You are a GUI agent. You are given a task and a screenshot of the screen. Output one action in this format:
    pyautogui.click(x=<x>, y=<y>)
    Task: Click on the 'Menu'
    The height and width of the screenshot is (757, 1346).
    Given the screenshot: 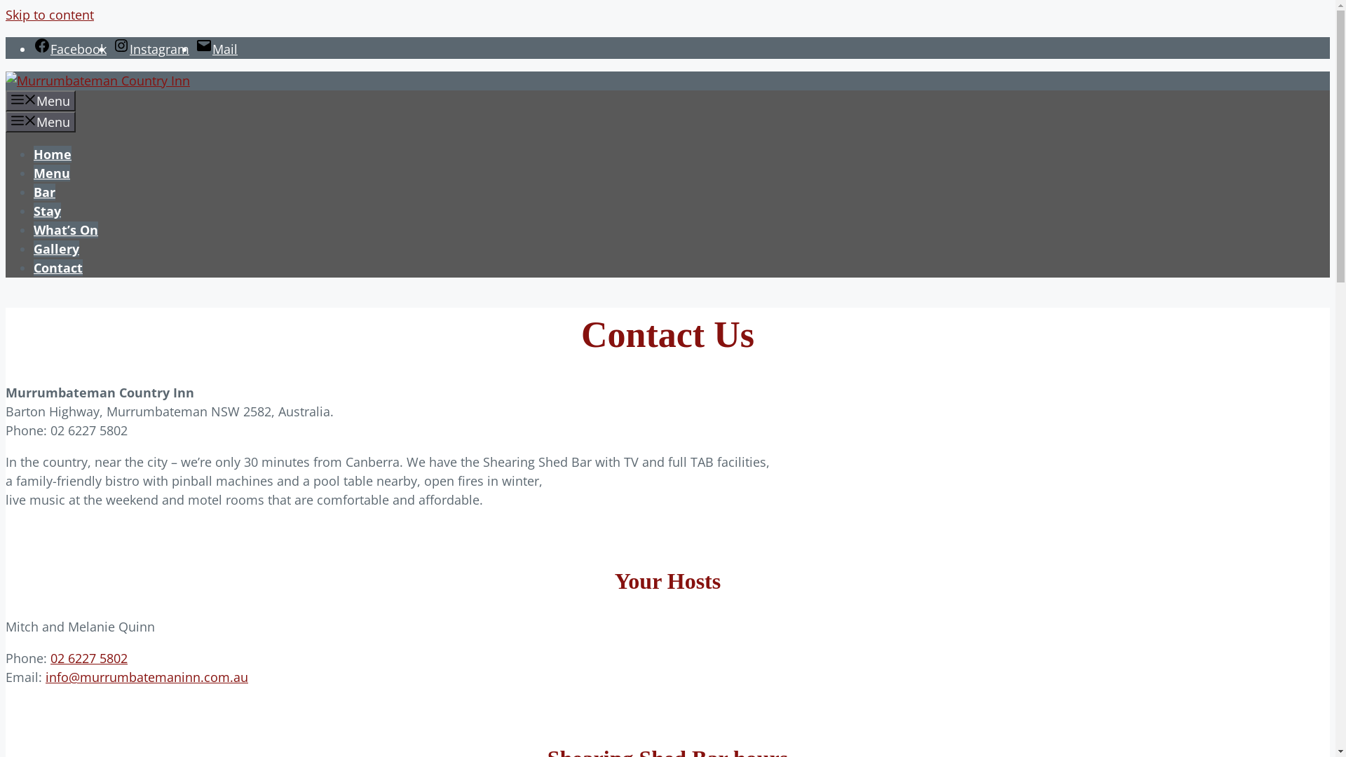 What is the action you would take?
    pyautogui.click(x=51, y=172)
    